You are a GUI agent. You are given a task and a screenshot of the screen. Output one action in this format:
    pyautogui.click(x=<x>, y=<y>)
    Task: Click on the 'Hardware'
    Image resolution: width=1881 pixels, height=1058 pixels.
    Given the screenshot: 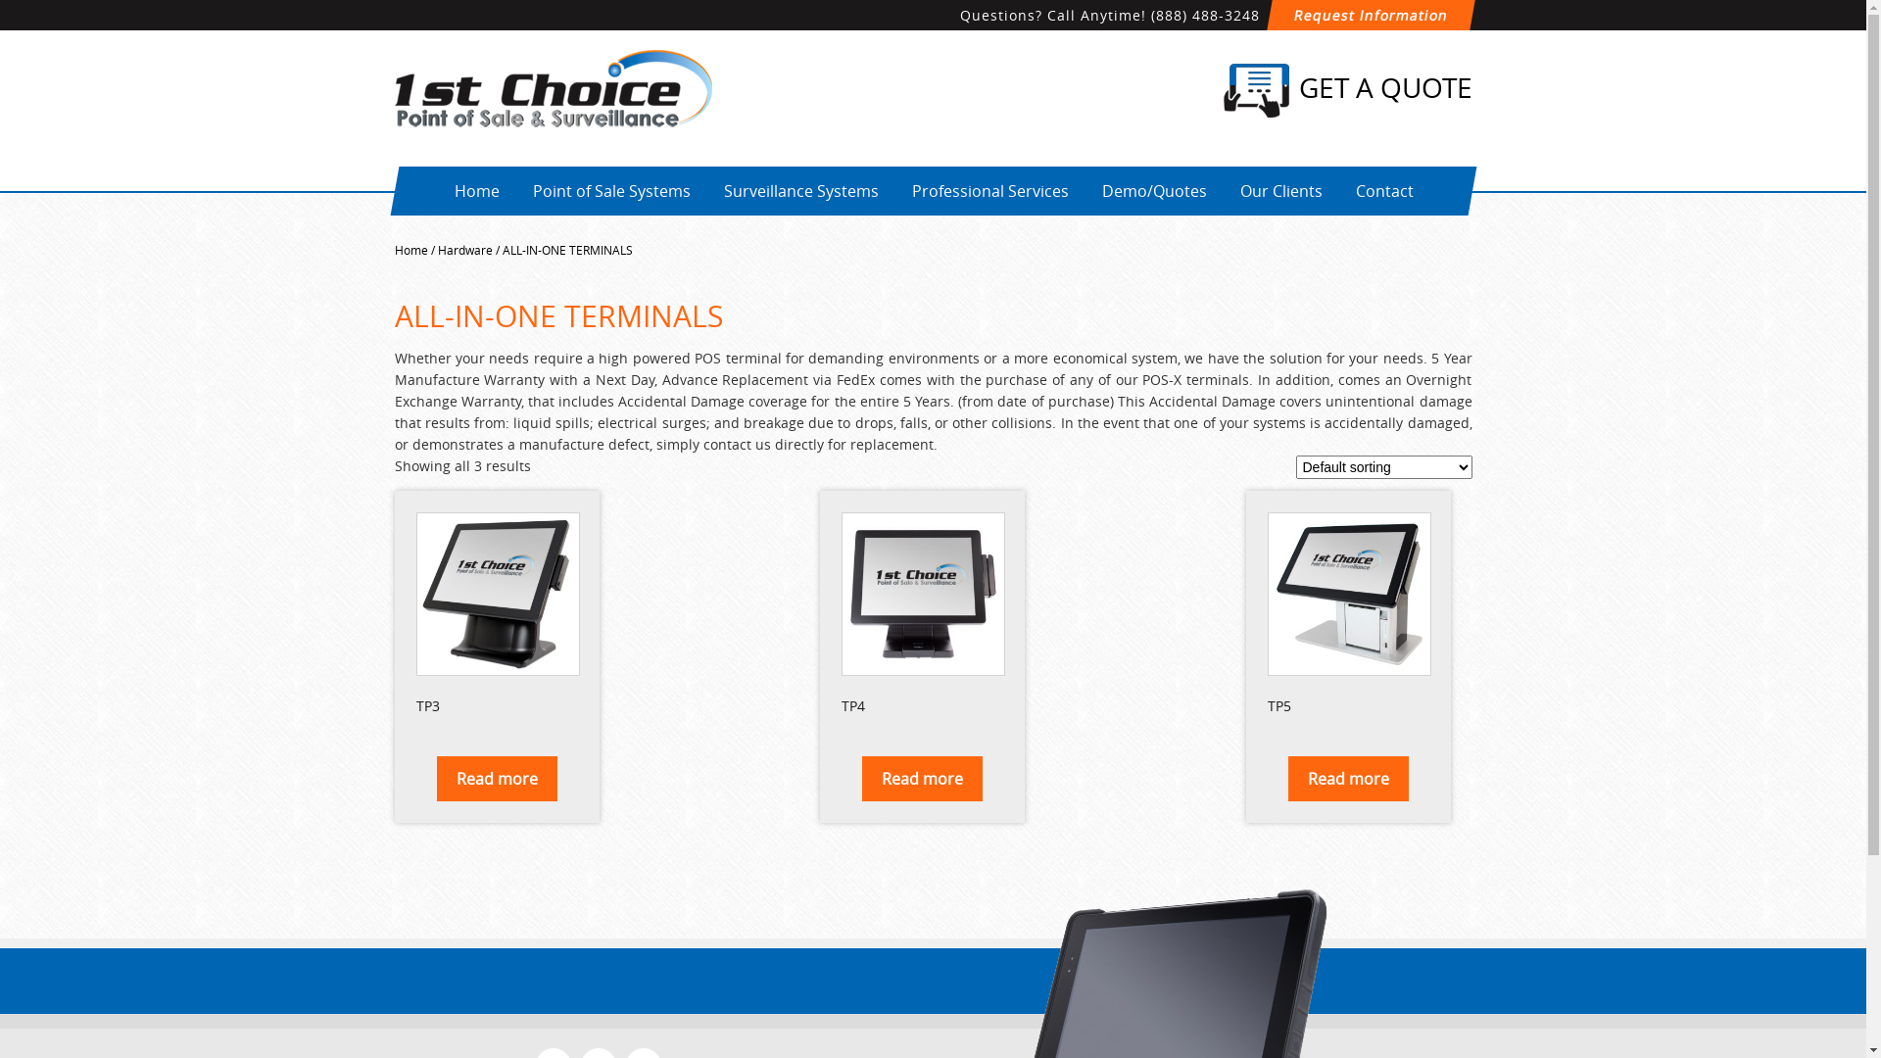 What is the action you would take?
    pyautogui.click(x=463, y=248)
    